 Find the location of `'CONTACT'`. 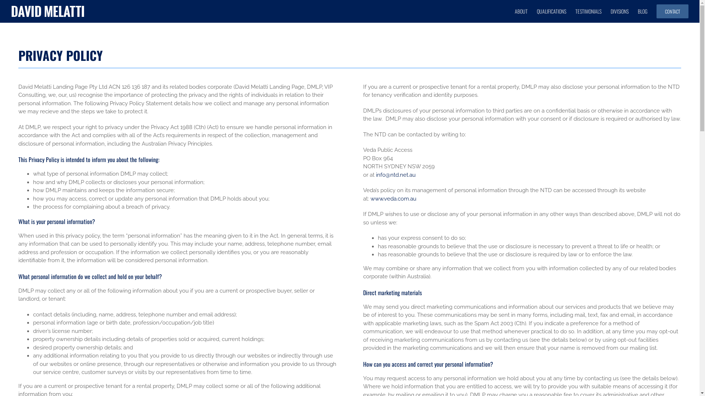

'CONTACT' is located at coordinates (657, 11).